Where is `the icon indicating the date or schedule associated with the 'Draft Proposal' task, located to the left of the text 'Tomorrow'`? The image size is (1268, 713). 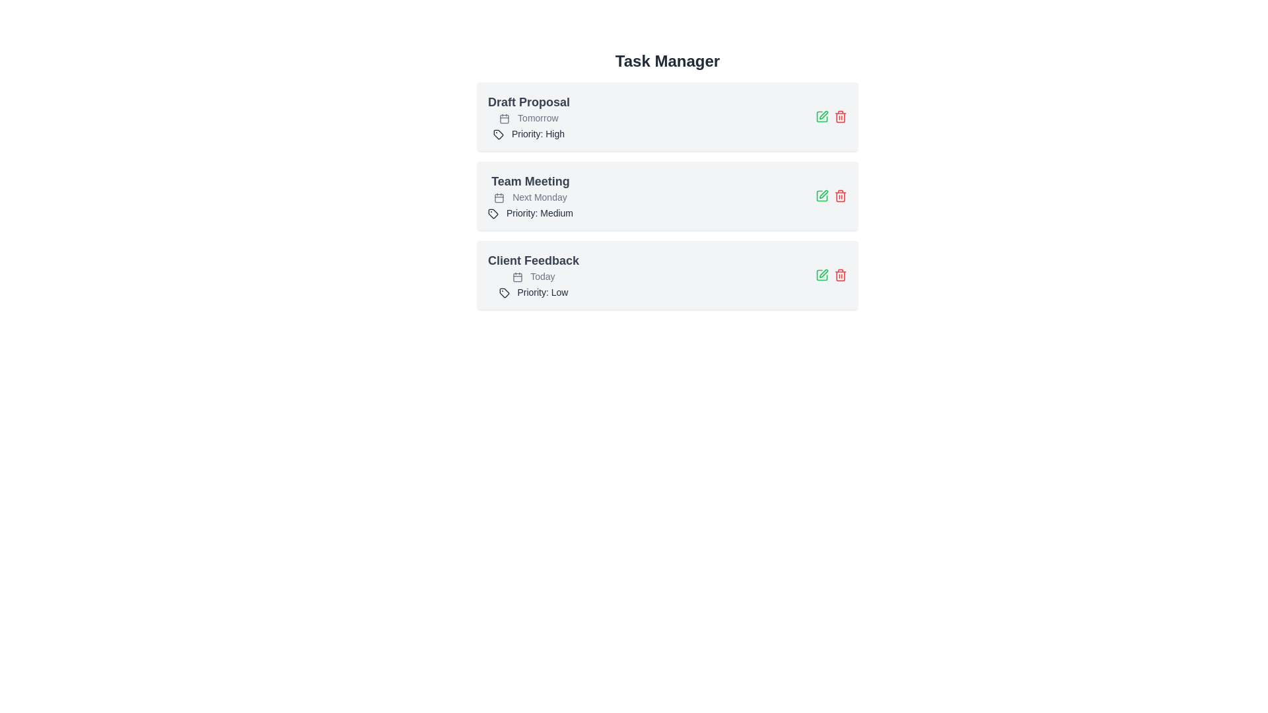
the icon indicating the date or schedule associated with the 'Draft Proposal' task, located to the left of the text 'Tomorrow' is located at coordinates (504, 119).